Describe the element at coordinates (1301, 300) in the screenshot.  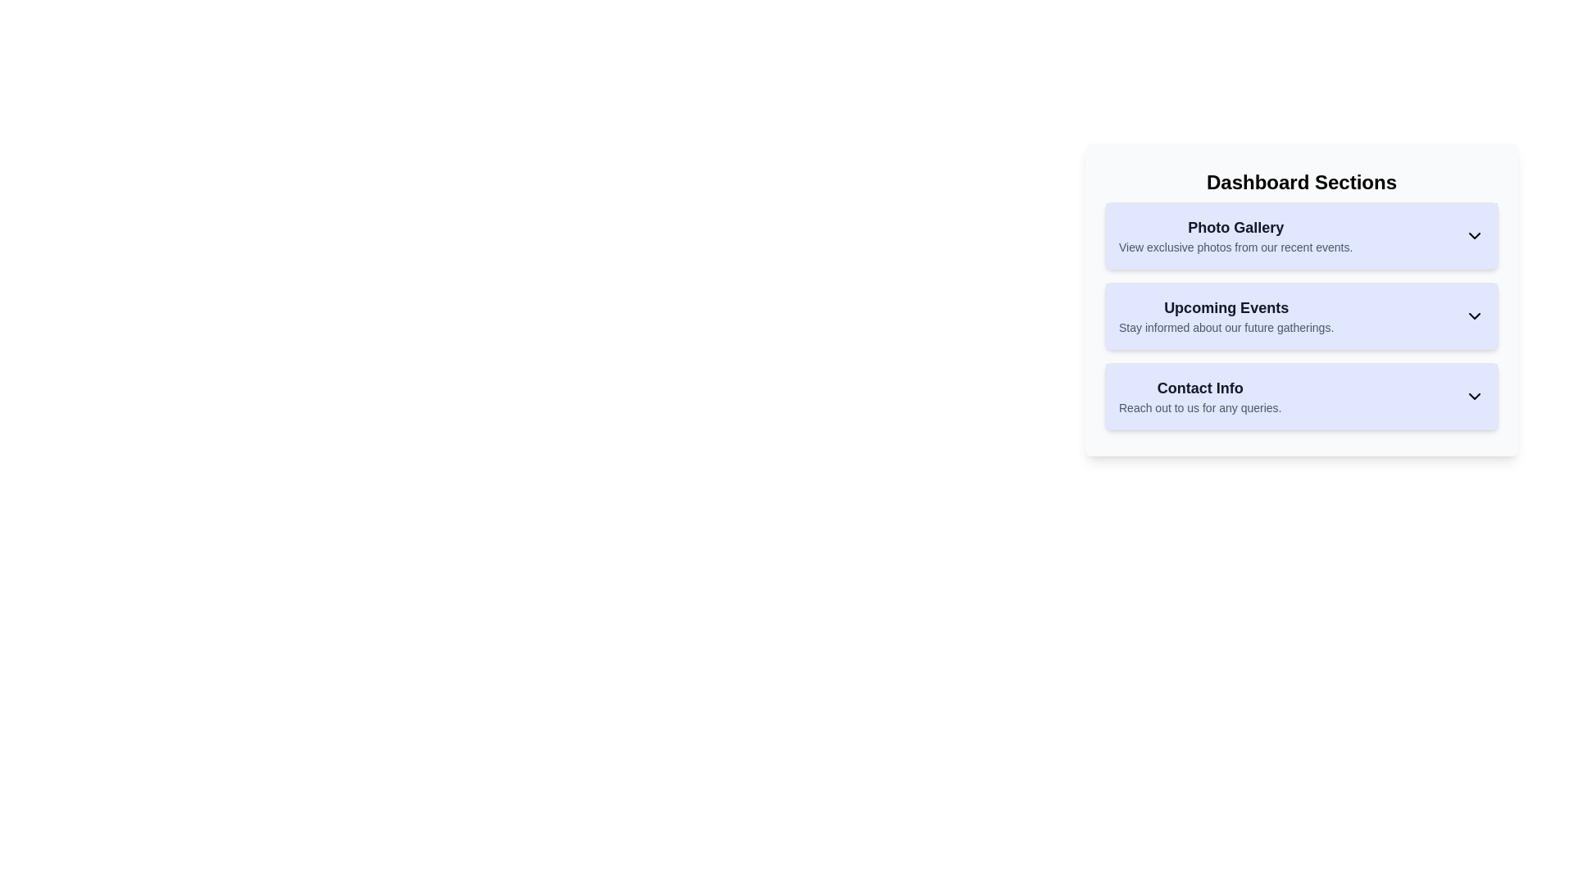
I see `the Collapsible panel located in the Dashboard Sections, positioned between the Photo Gallery and Contact Info sections` at that location.